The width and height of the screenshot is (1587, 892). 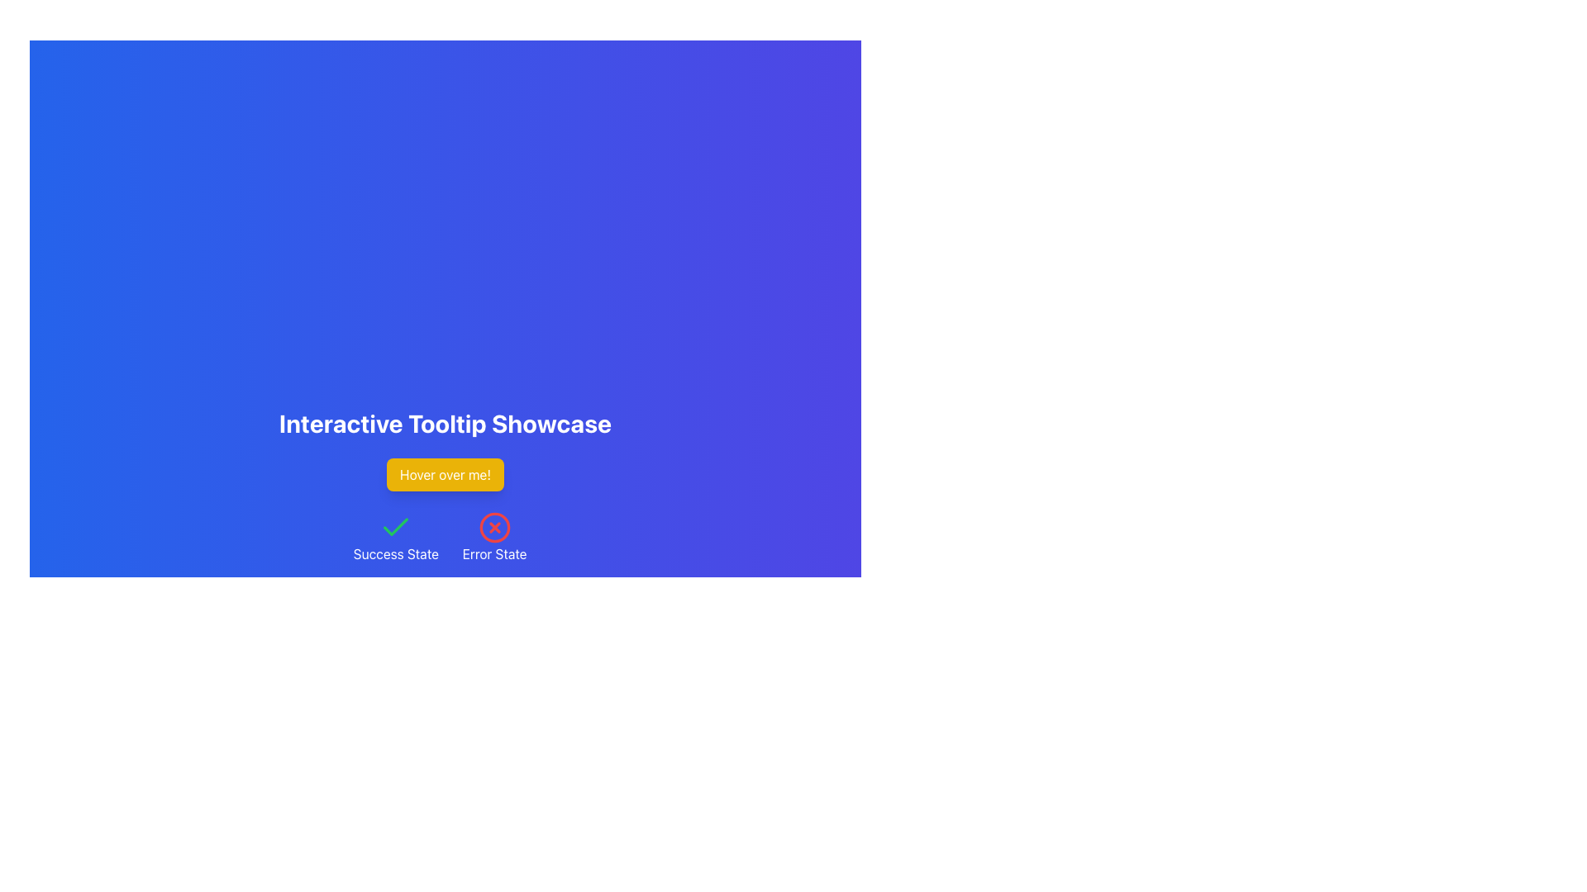 What do you see at coordinates (445, 474) in the screenshot?
I see `the interactive button located centrally in the layout, positioned between the title 'Interactive Tooltip Showcase' and the state indicators 'Success State' and 'Error State', to trigger a tooltip or visual change` at bounding box center [445, 474].